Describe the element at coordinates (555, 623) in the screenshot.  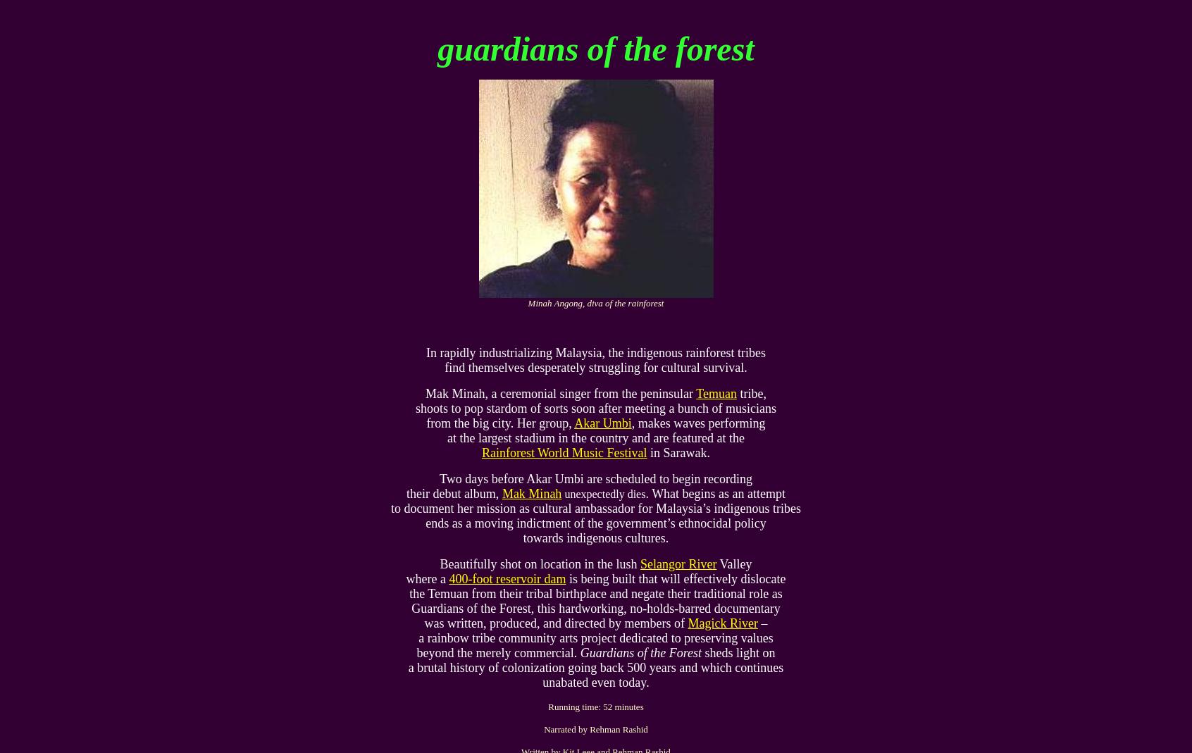
I see `'was written,
produced, and directed by members of'` at that location.